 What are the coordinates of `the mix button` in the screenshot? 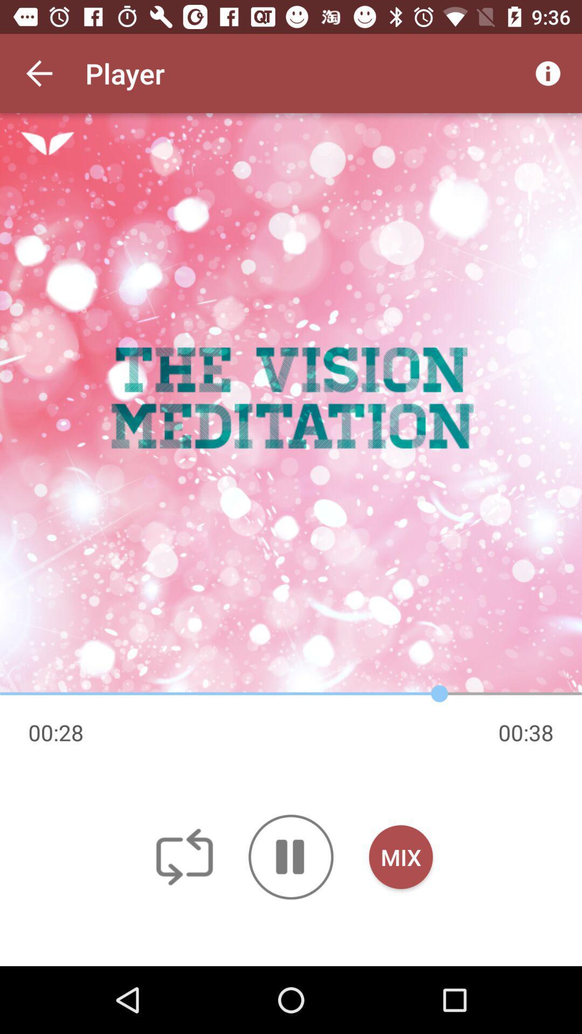 It's located at (401, 856).